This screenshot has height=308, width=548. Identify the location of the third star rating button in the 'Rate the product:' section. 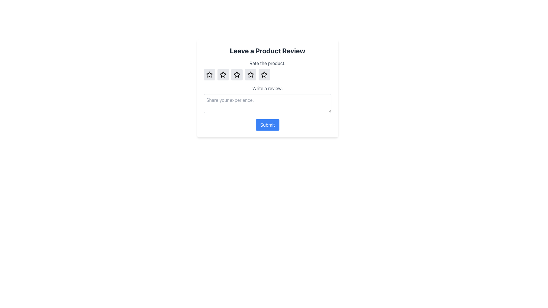
(237, 74).